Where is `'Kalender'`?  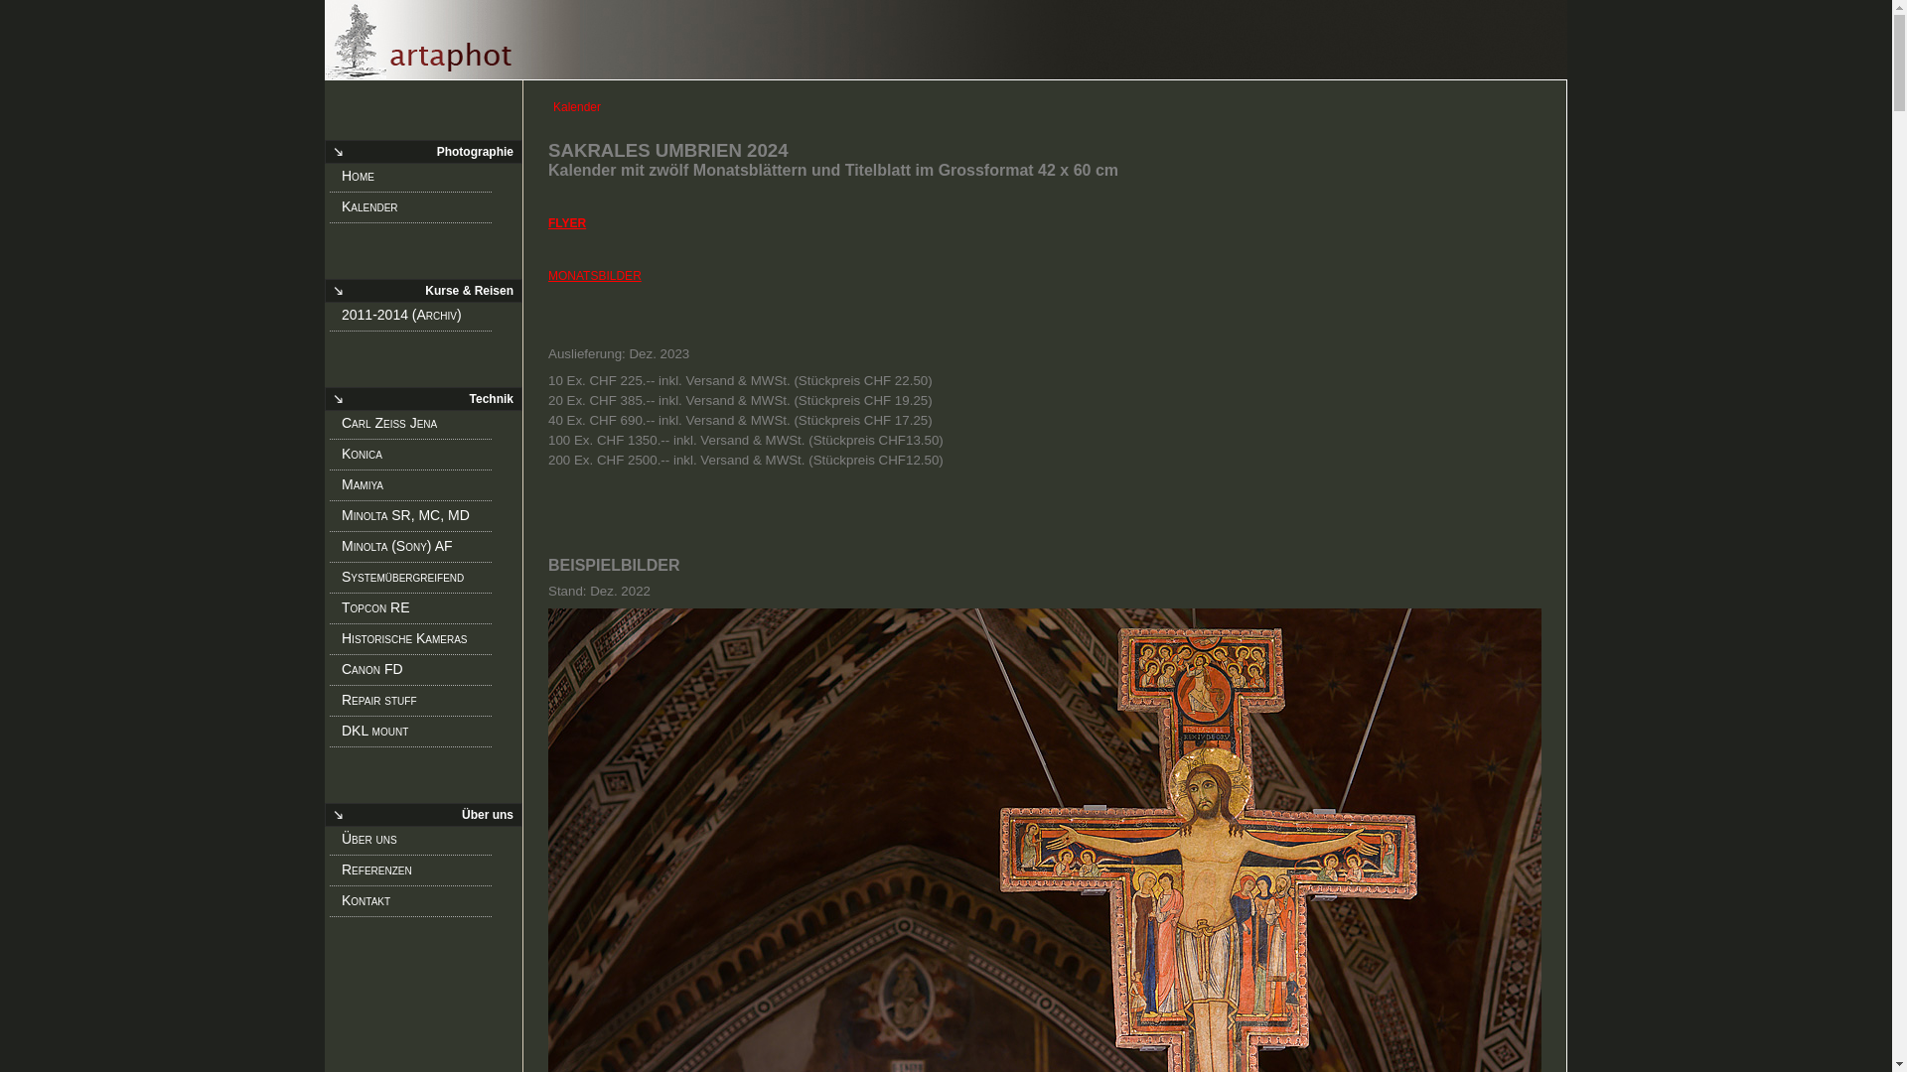 'Kalender' is located at coordinates (416, 210).